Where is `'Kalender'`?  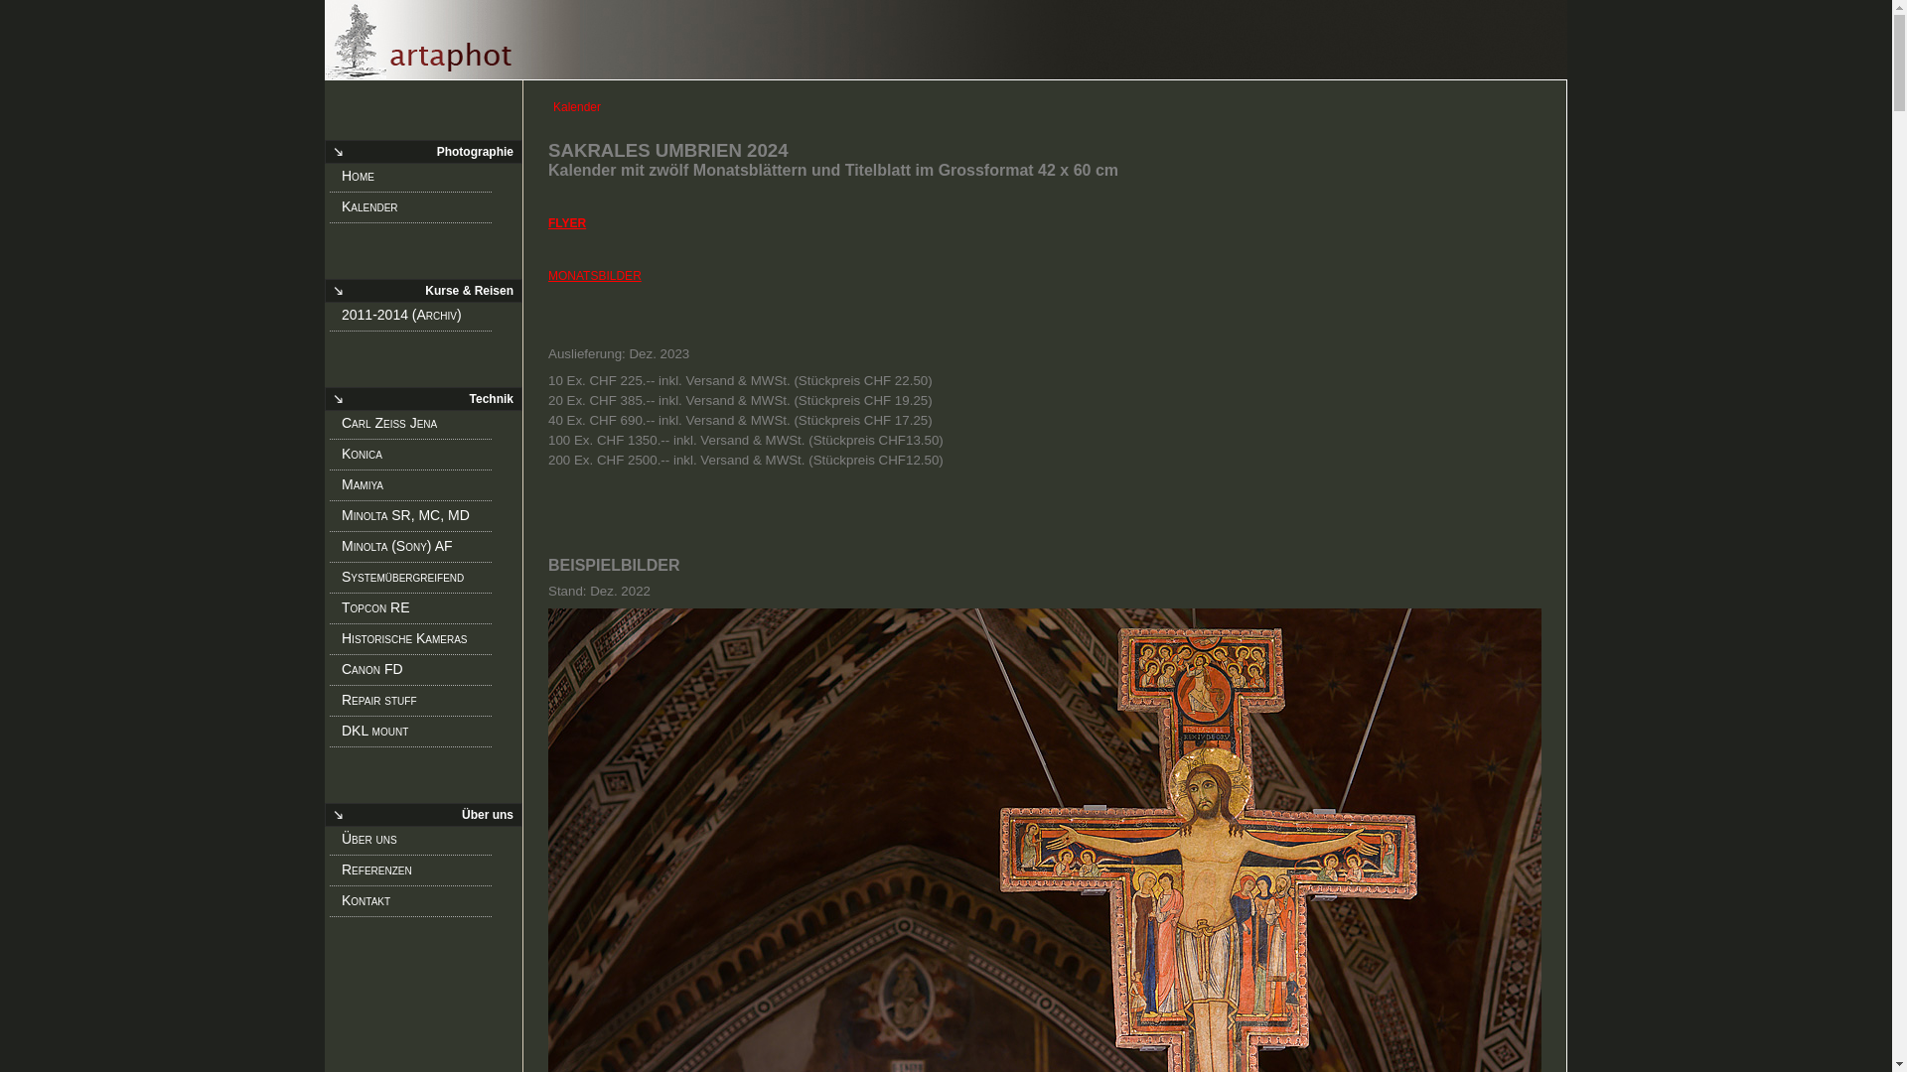 'Kalender' is located at coordinates (416, 210).